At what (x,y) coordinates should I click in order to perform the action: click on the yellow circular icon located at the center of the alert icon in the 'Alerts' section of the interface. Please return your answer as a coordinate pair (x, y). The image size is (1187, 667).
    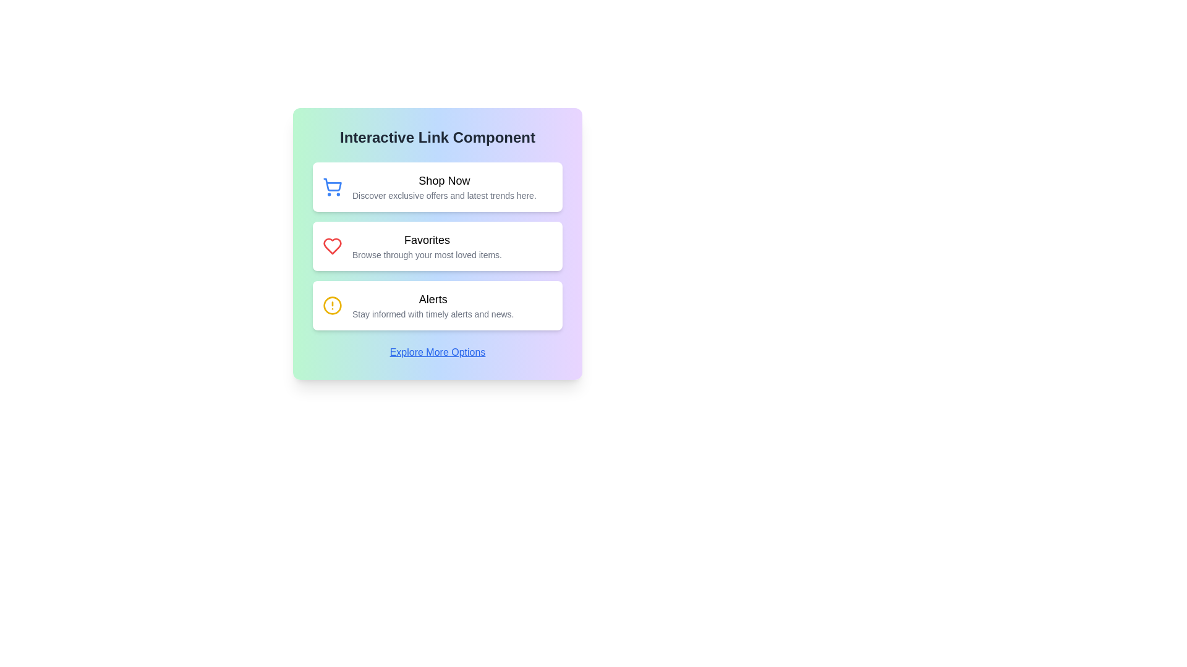
    Looking at the image, I should click on (332, 305).